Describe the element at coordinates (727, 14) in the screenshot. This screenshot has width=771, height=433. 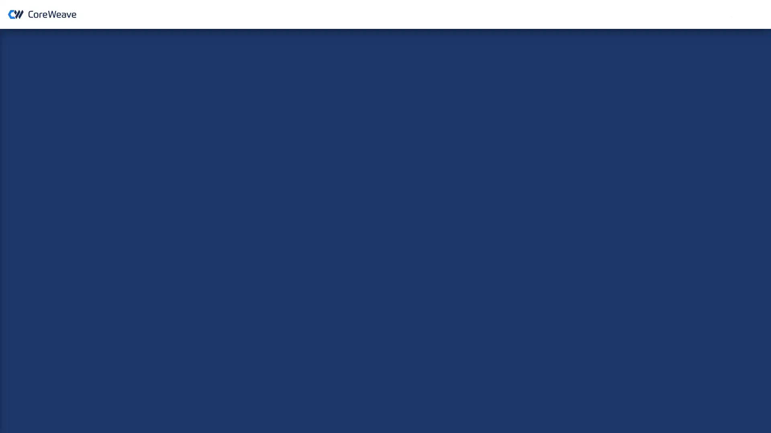
I see `REQUEST AN ACCOUNT` at that location.